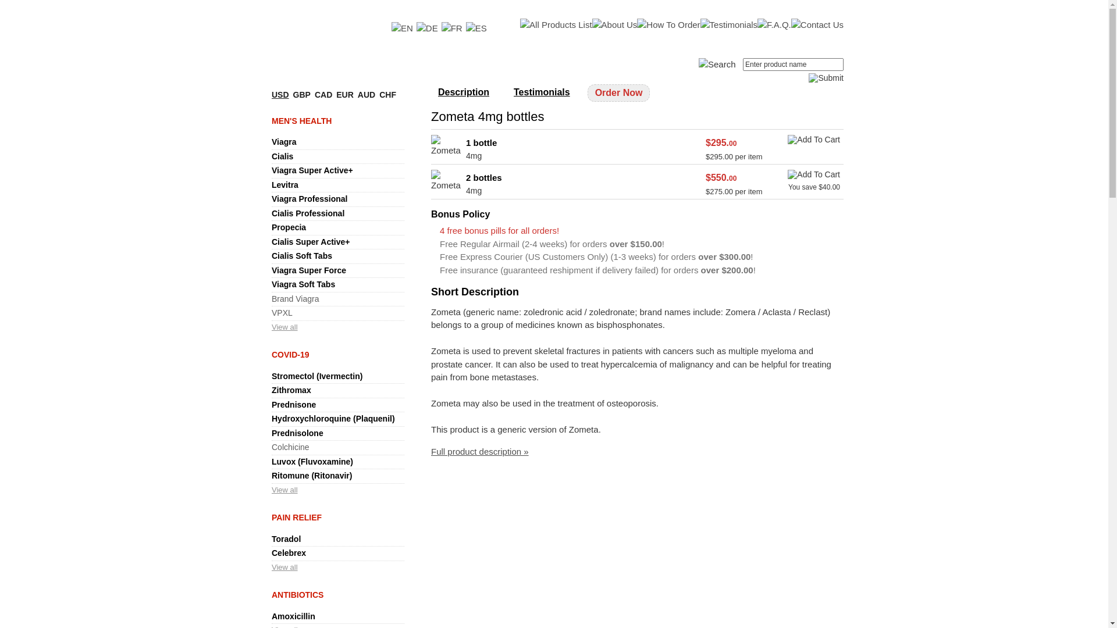 The height and width of the screenshot is (628, 1117). I want to click on 'GBP', so click(301, 94).